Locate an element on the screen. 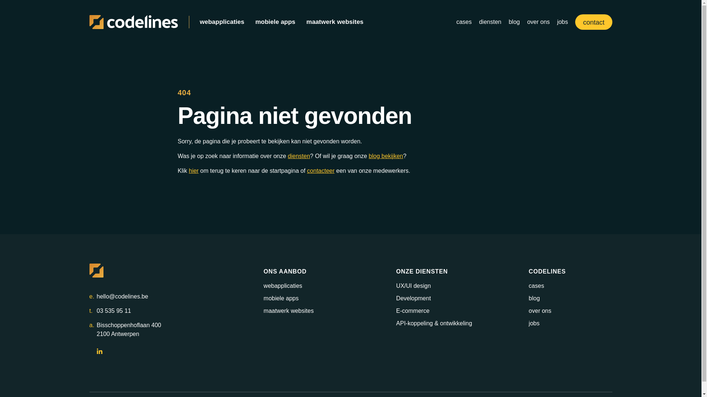  'blog bekijken' is located at coordinates (369, 155).